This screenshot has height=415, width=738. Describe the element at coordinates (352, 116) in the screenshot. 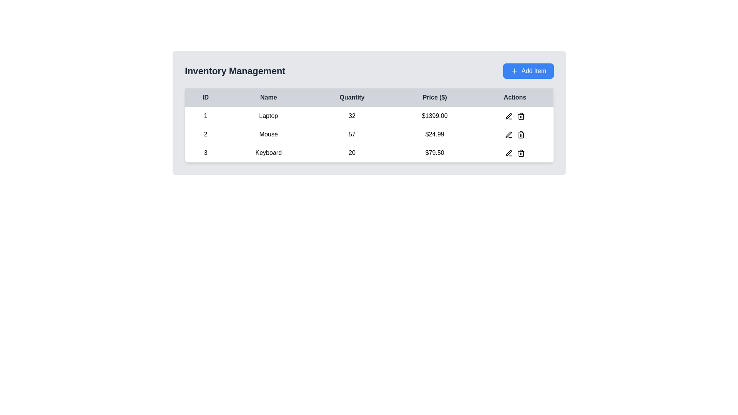

I see `the text label displaying the quantity of 'Laptop' located in the third column of the first row under the 'Quantity' header` at that location.